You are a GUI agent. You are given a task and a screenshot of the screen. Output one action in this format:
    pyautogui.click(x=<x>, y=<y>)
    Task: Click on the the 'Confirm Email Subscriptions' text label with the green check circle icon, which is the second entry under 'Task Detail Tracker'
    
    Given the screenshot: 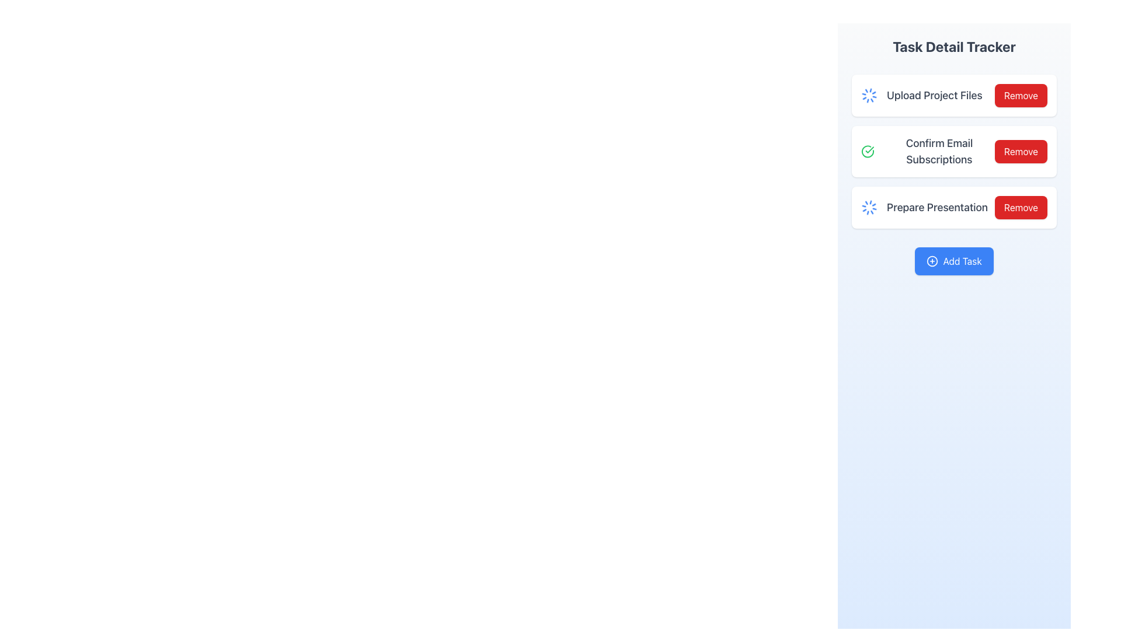 What is the action you would take?
    pyautogui.click(x=927, y=150)
    